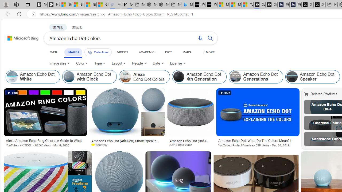  Describe the element at coordinates (144, 77) in the screenshot. I see `'Alexa Echo Dot Colors'` at that location.